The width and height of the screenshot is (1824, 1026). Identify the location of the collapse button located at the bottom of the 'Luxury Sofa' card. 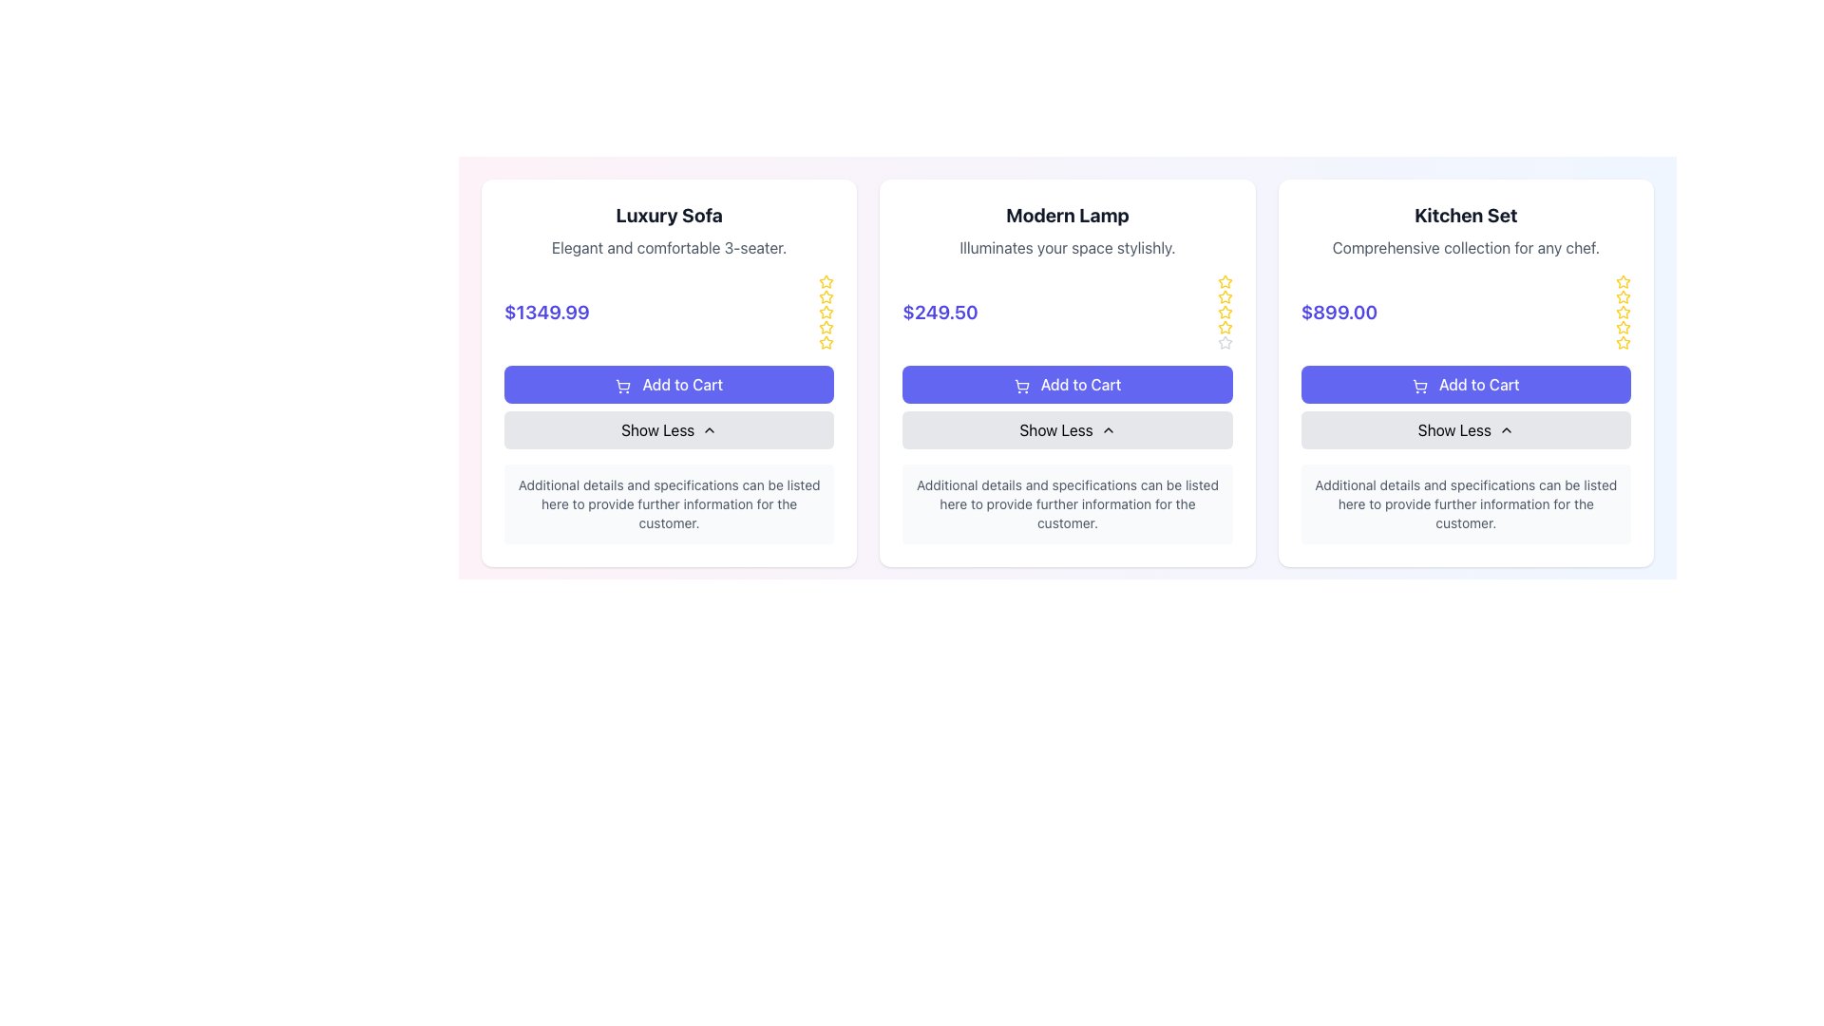
(669, 429).